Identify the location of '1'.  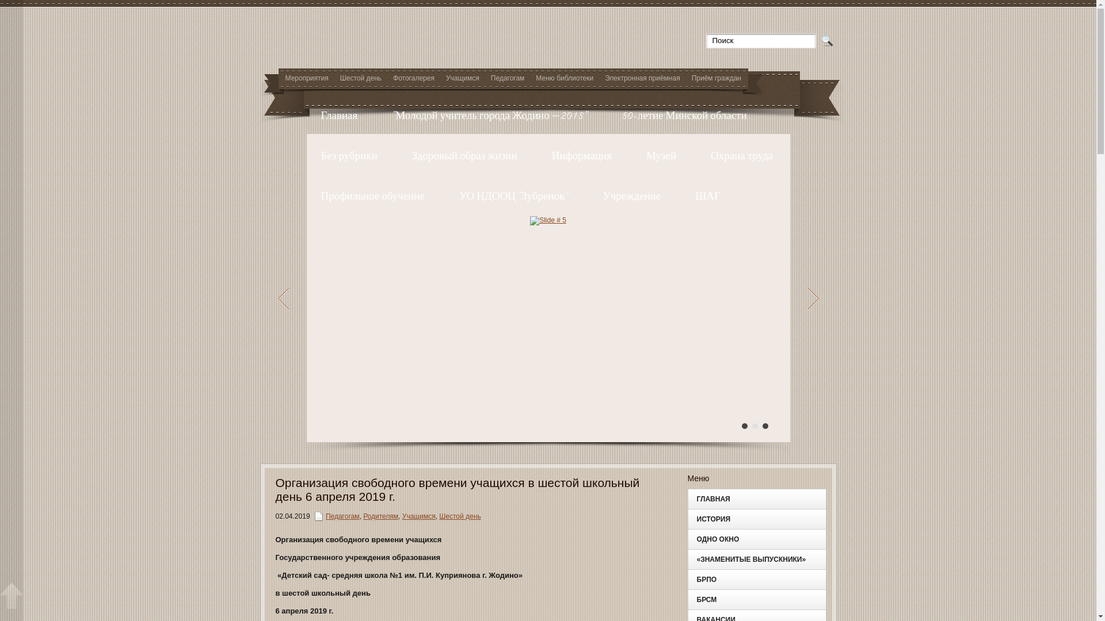
(741, 425).